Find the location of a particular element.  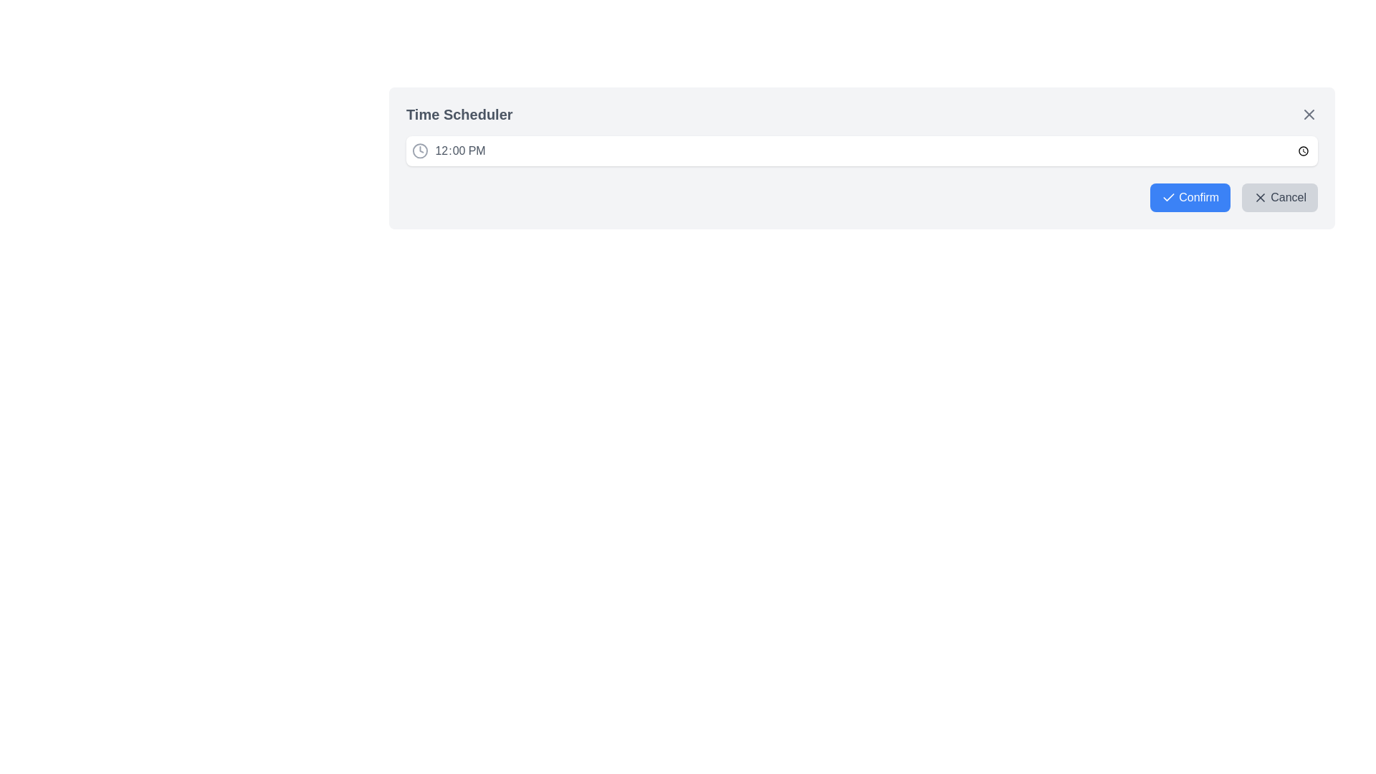

the second button from the left in the button group at the bottom right of the interface is located at coordinates (1190, 198).